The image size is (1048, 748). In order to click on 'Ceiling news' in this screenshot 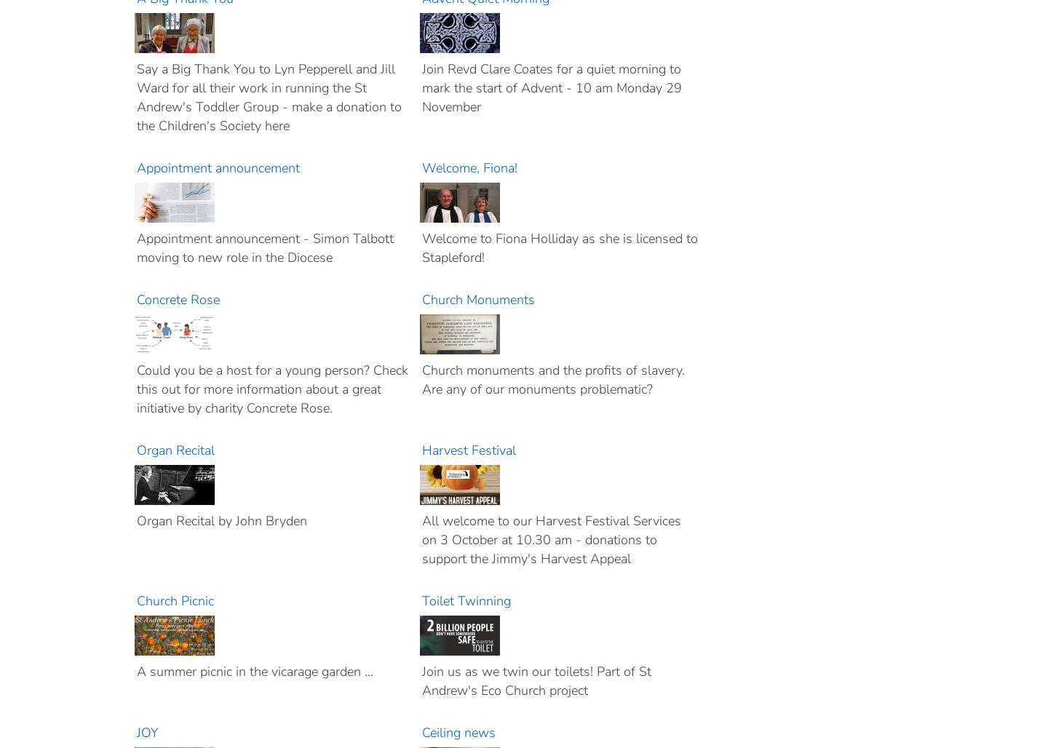, I will do `click(459, 732)`.